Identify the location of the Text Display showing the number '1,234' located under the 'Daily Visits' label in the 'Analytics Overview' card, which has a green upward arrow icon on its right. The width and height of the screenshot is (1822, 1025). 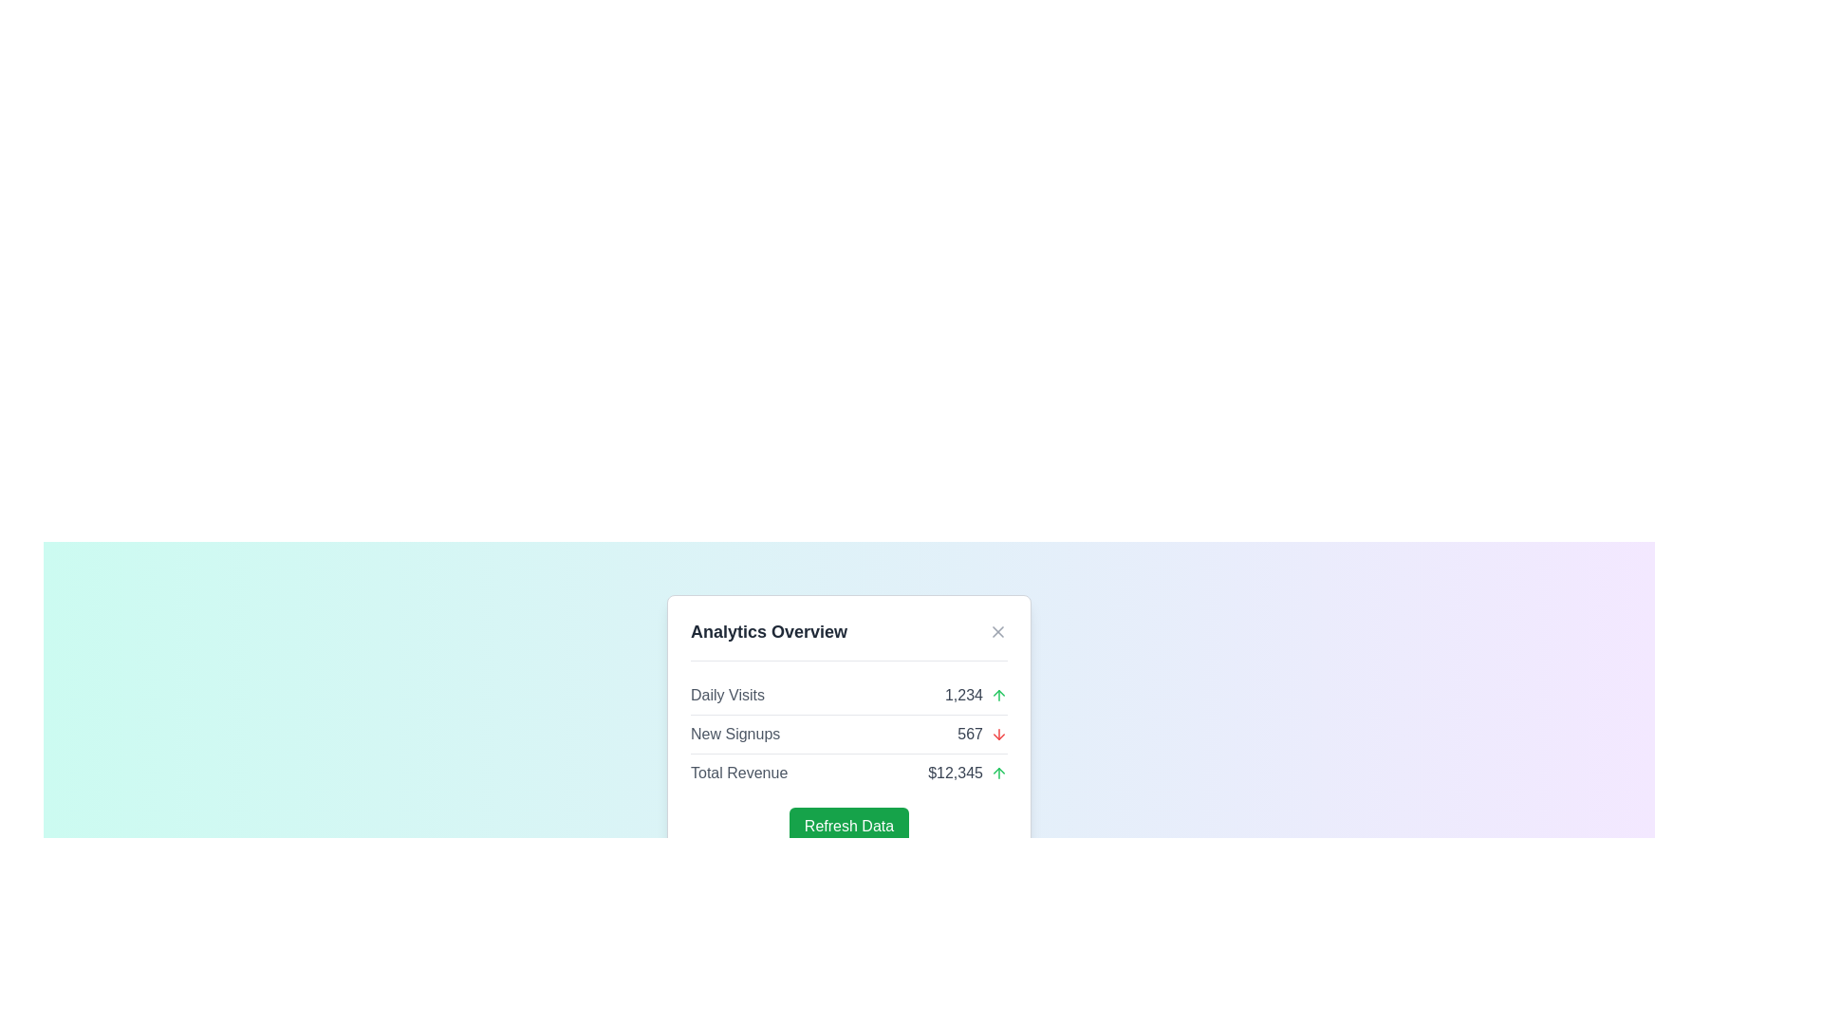
(964, 695).